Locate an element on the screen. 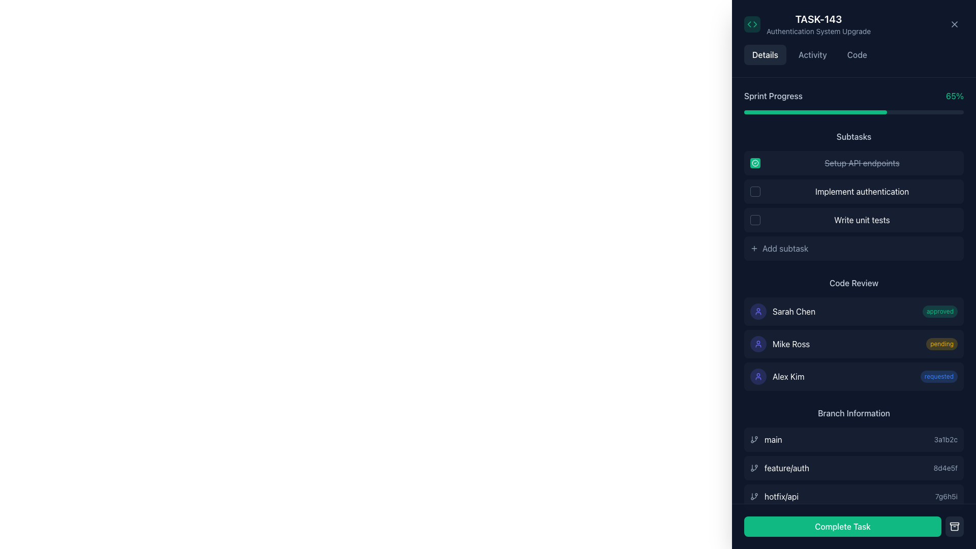 This screenshot has width=976, height=549. the user icon represented by a simple outline of a person styled in indigo, located in the top-right section of the interface above the 'Code Review' section is located at coordinates (758, 311).